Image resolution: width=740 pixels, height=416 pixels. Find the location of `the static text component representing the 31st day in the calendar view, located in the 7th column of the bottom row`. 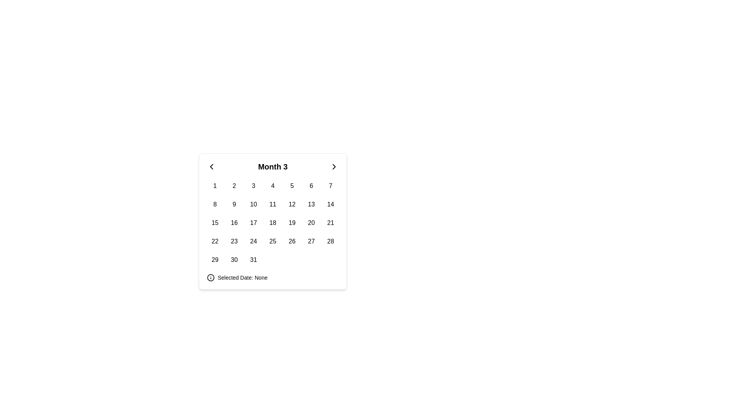

the static text component representing the 31st day in the calendar view, located in the 7th column of the bottom row is located at coordinates (253, 260).